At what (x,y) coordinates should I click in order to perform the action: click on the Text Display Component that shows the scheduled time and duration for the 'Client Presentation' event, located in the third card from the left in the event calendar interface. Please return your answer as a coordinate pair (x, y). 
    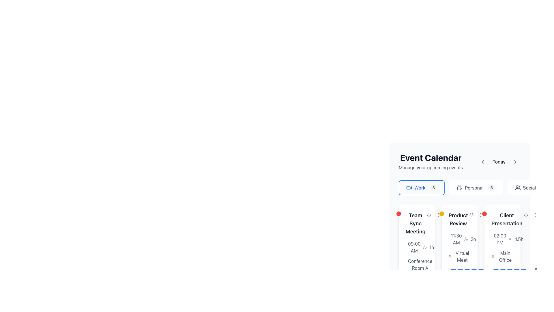
    Looking at the image, I should click on (502, 239).